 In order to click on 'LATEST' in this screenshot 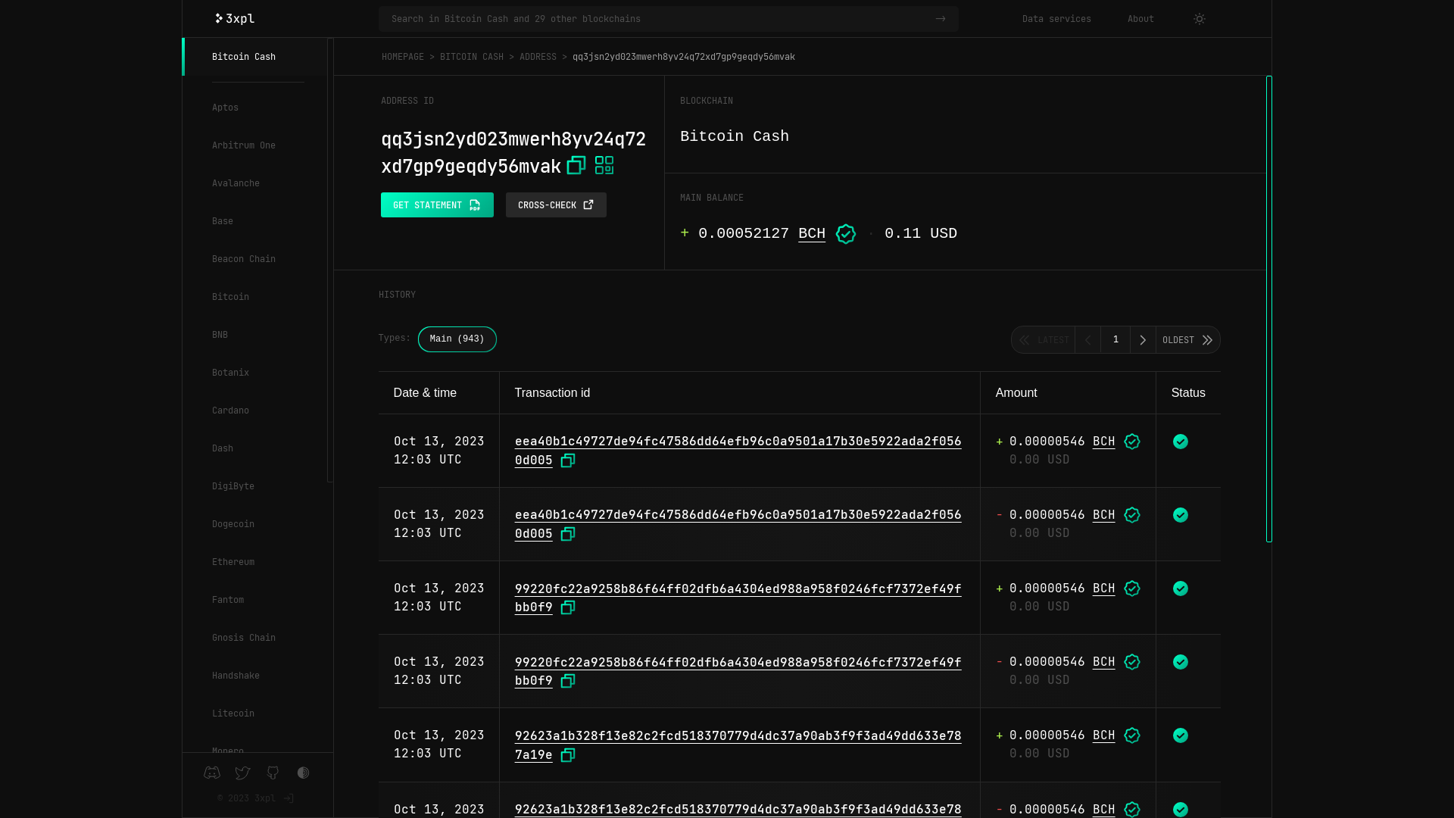, I will do `click(1042, 339)`.